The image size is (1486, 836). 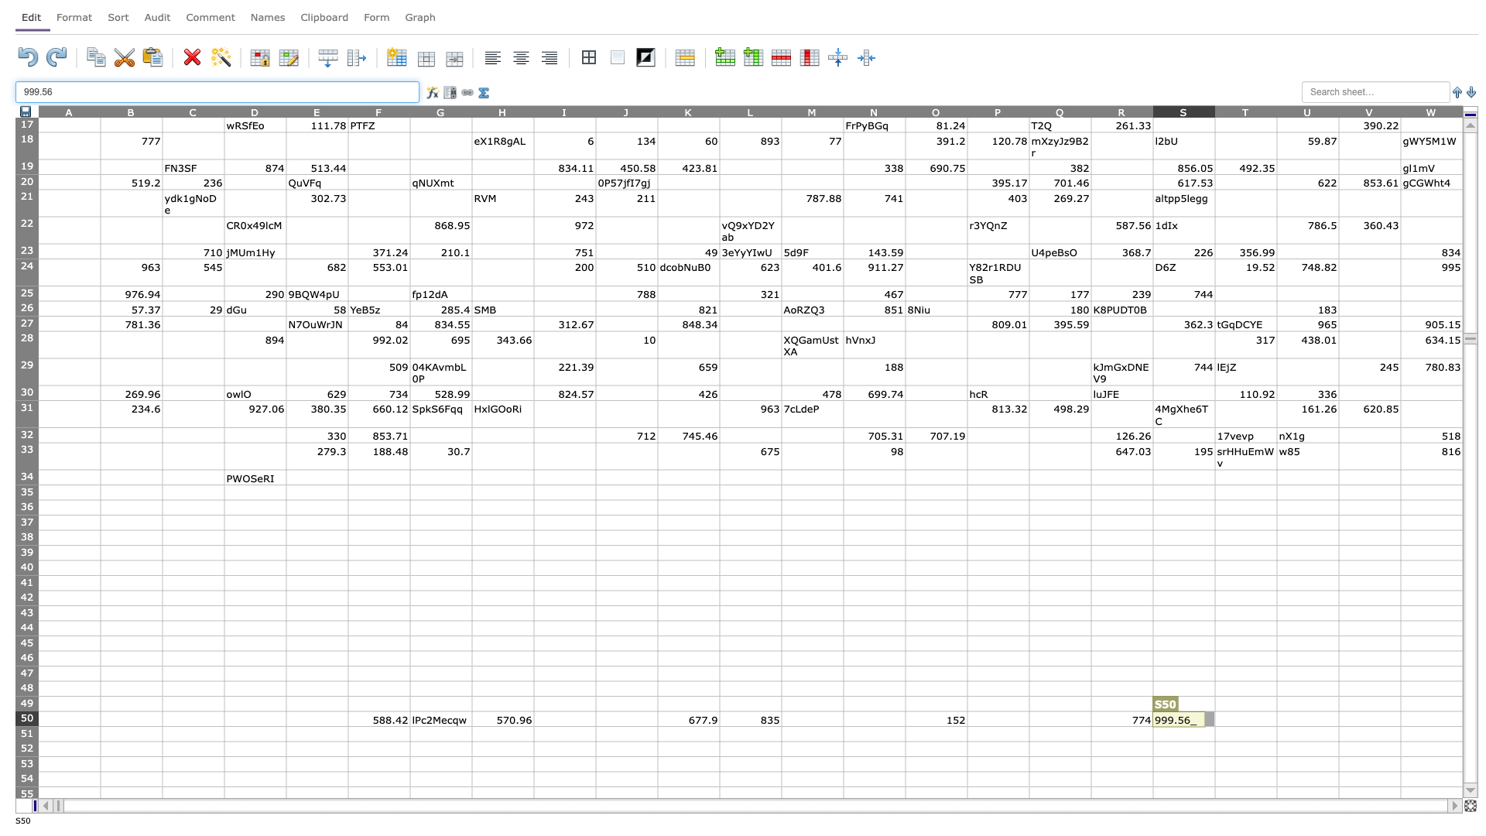 What do you see at coordinates (1214, 711) in the screenshot?
I see `Upper left corner of cell T50` at bounding box center [1214, 711].